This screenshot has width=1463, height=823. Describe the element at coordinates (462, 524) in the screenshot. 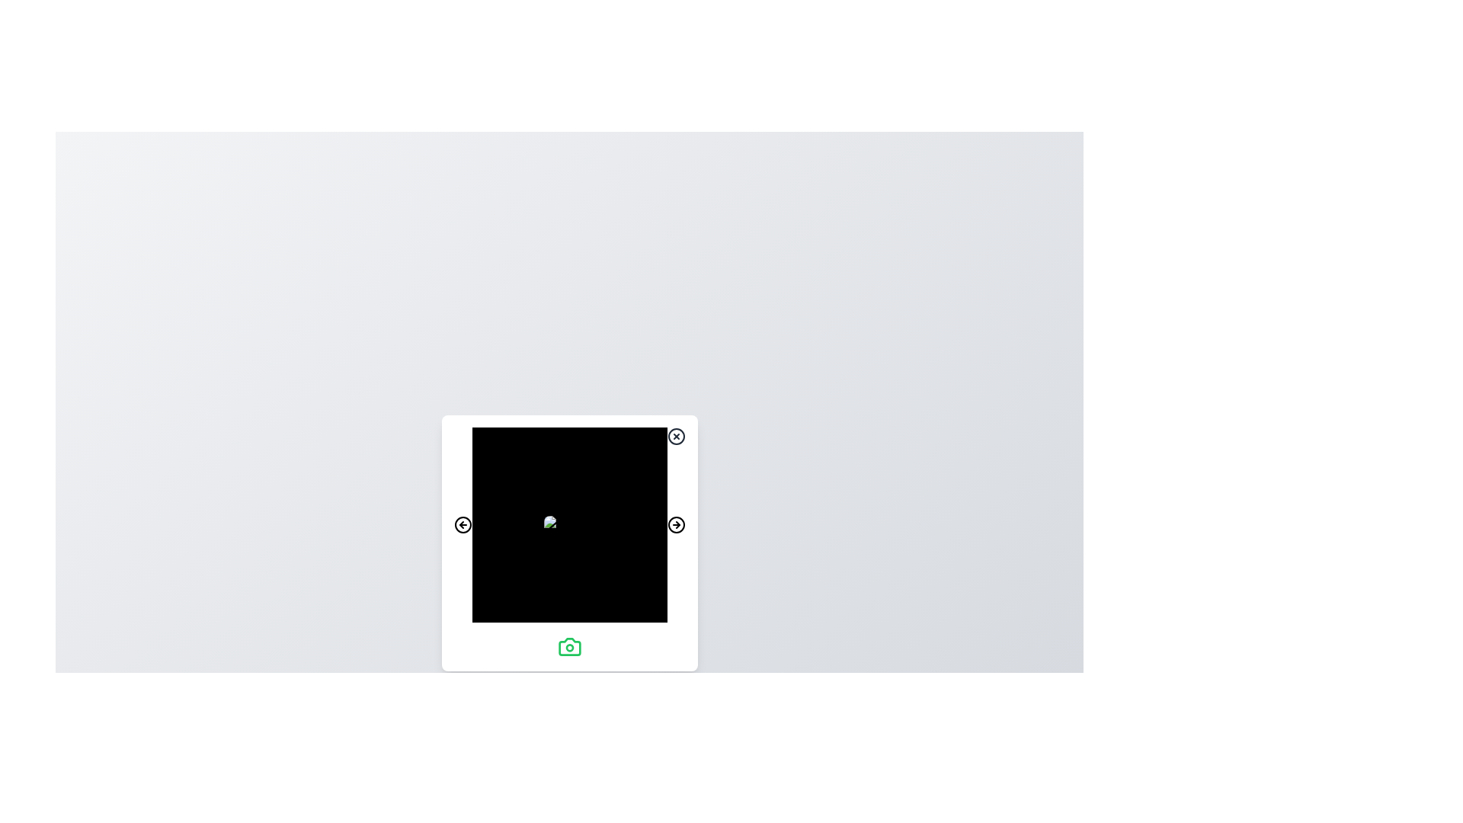

I see `the SVG circle element located at the center of a navigation icon on the left side, which indicates a back or previous action` at that location.